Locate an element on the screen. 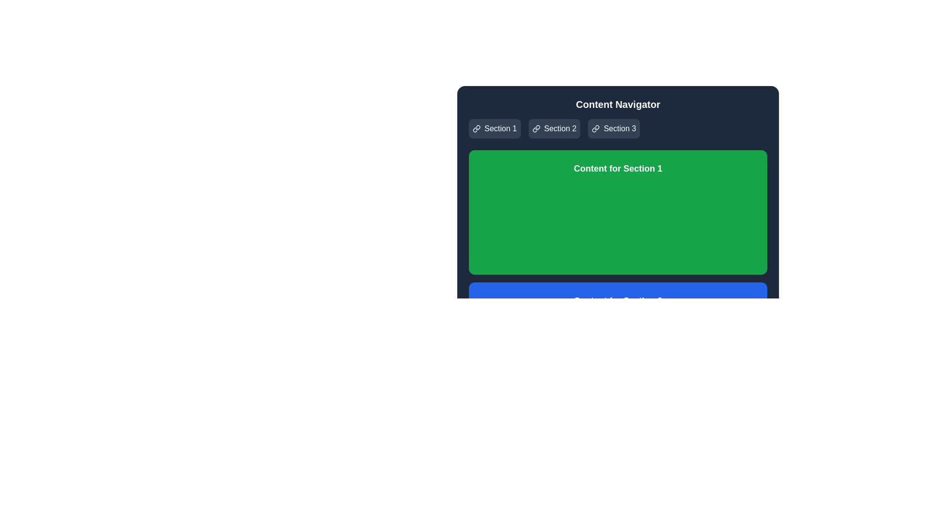  the navigation link labeled 'Section 3' located in the horizontal navigation bar under 'Content Navigator' is located at coordinates (618, 128).